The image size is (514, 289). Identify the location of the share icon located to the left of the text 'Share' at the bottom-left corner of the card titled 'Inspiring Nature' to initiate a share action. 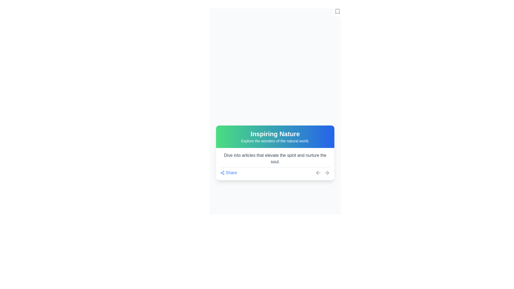
(222, 172).